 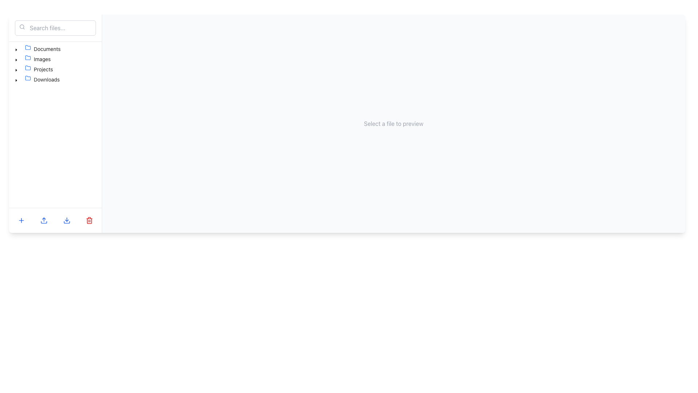 I want to click on to select the 'Downloads' folder item, which is represented by a blue folder icon and the text label 'Downloads' in the vertical navigation panel on the left side of the interface, so click(x=42, y=80).